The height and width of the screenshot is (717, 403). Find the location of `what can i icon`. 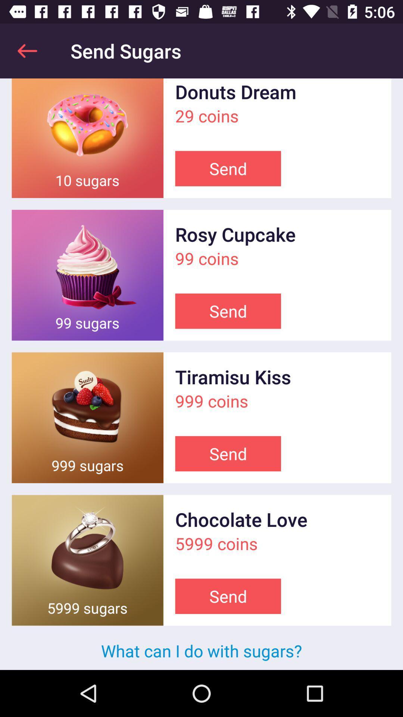

what can i icon is located at coordinates (201, 650).